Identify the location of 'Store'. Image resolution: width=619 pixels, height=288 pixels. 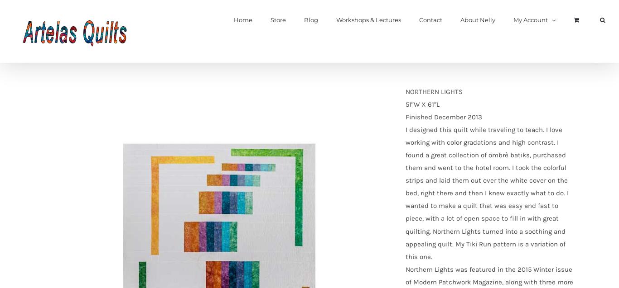
(278, 20).